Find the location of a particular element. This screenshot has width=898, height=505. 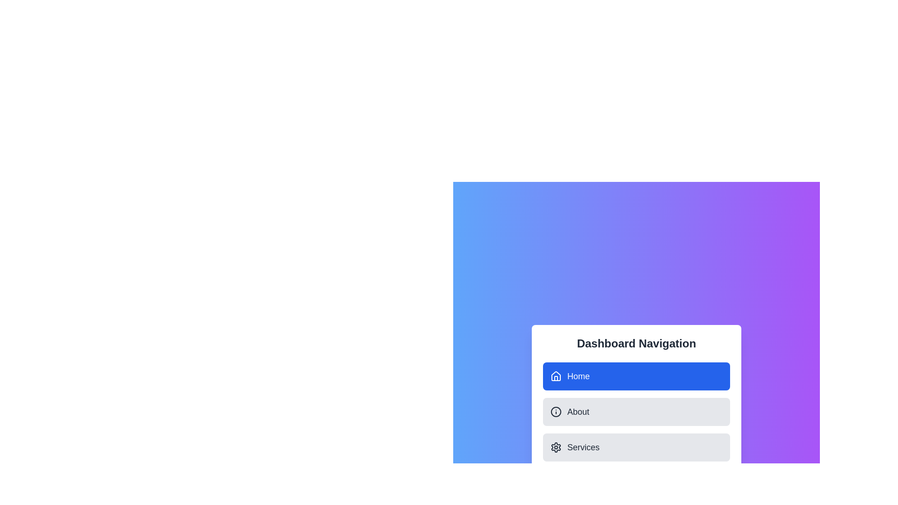

the 'About' text label, which is styled in medium font size, bold weight, and dark gray color, located in the middle segment of a vertical navigation list is located at coordinates (578, 411).